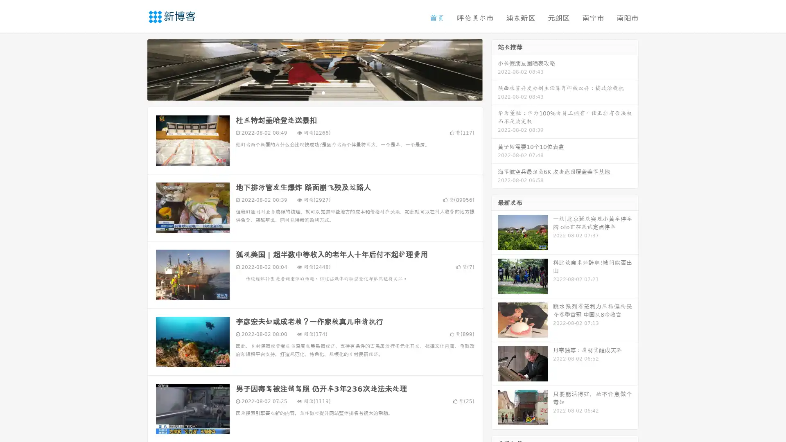 This screenshot has width=786, height=442. Describe the element at coordinates (314, 92) in the screenshot. I see `Go to slide 2` at that location.